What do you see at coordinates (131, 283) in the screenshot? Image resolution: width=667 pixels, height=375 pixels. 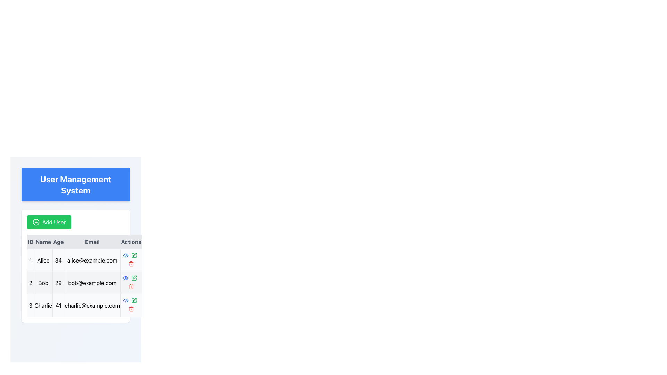 I see `the delete button in the 'Actions' column of the second row for user 'Bob' to possibly see a tooltip` at bounding box center [131, 283].